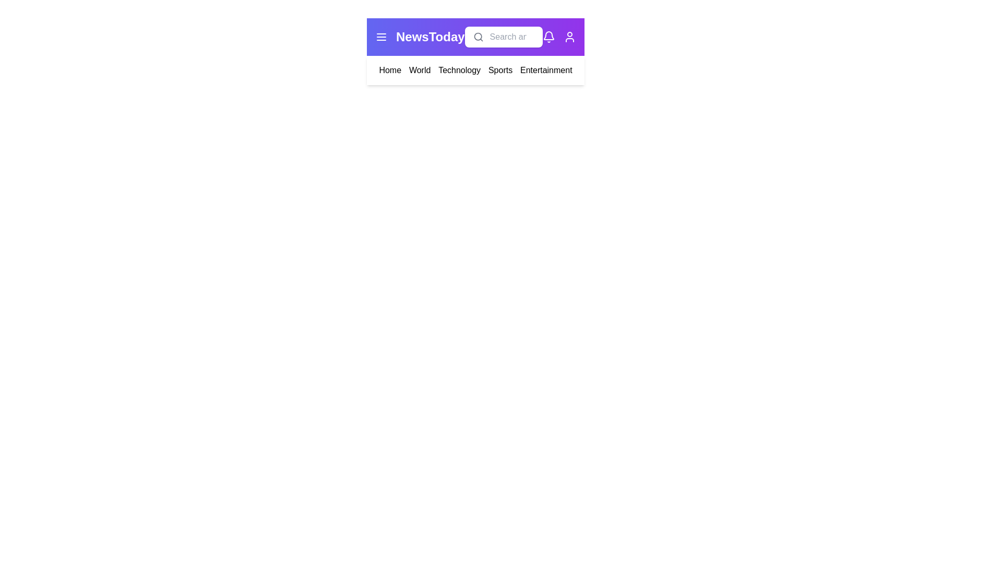 This screenshot has height=564, width=1002. Describe the element at coordinates (548, 36) in the screenshot. I see `the bell icon to open the notifications` at that location.